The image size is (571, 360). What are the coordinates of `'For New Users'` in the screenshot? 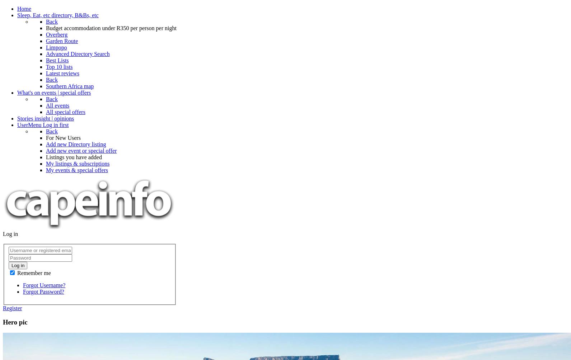 It's located at (62, 137).